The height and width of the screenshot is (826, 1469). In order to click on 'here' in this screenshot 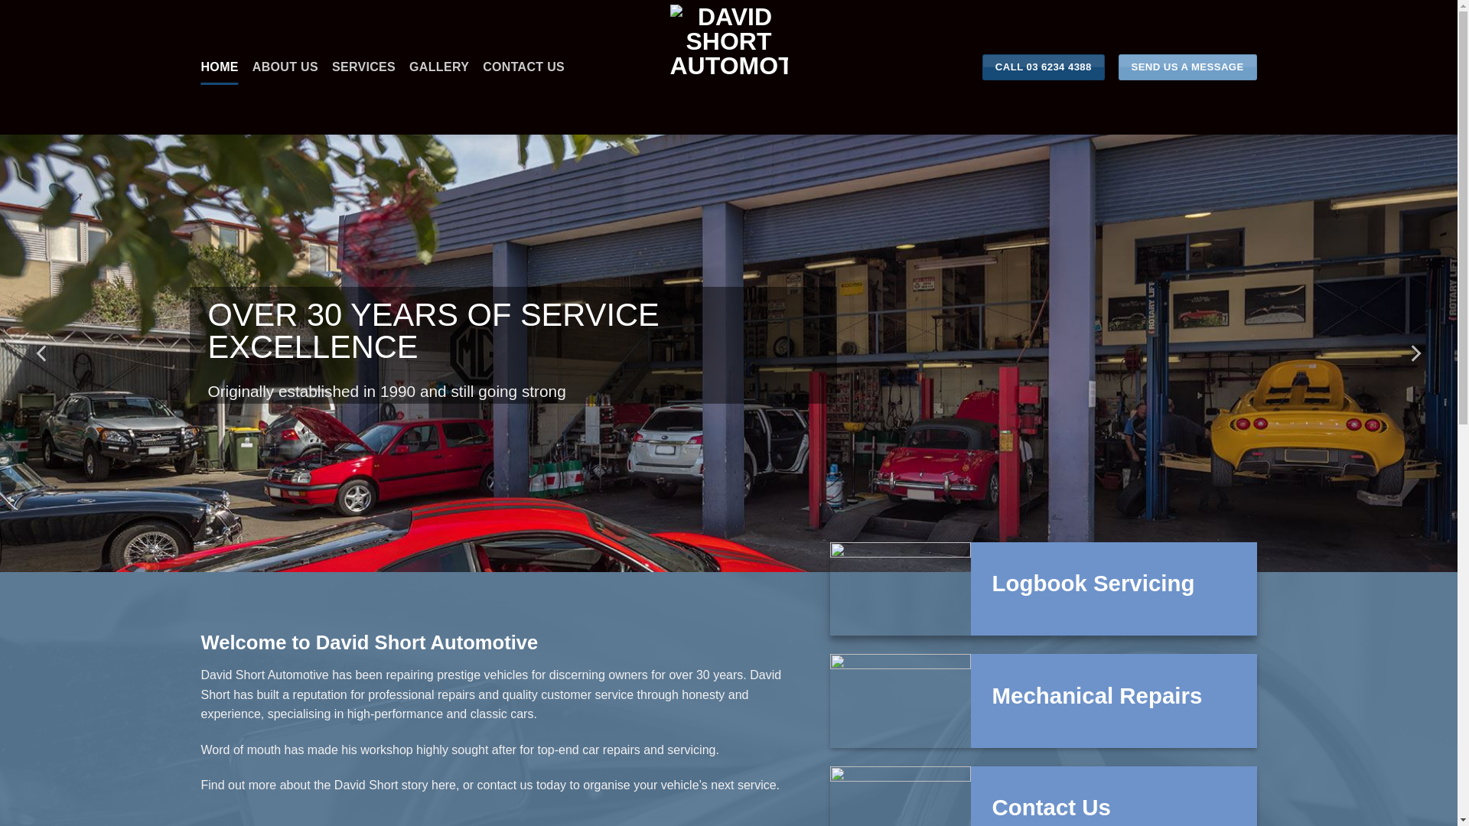, I will do `click(443, 785)`.